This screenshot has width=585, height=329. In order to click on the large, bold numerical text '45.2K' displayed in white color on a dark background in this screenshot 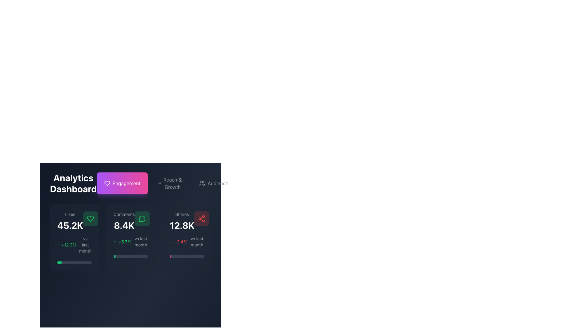, I will do `click(70, 225)`.